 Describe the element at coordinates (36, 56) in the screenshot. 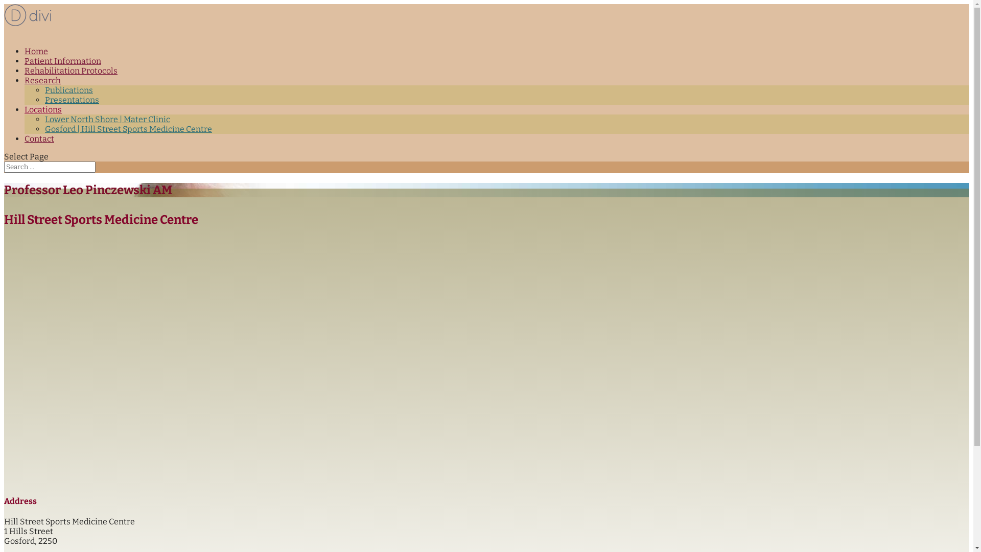

I see `'Home'` at that location.